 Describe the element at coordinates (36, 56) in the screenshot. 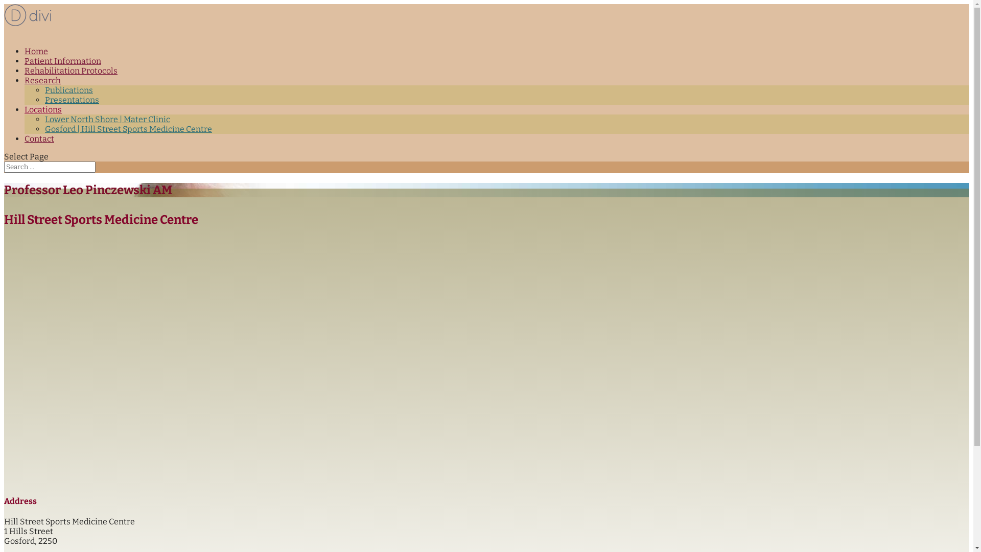

I see `'Home'` at that location.